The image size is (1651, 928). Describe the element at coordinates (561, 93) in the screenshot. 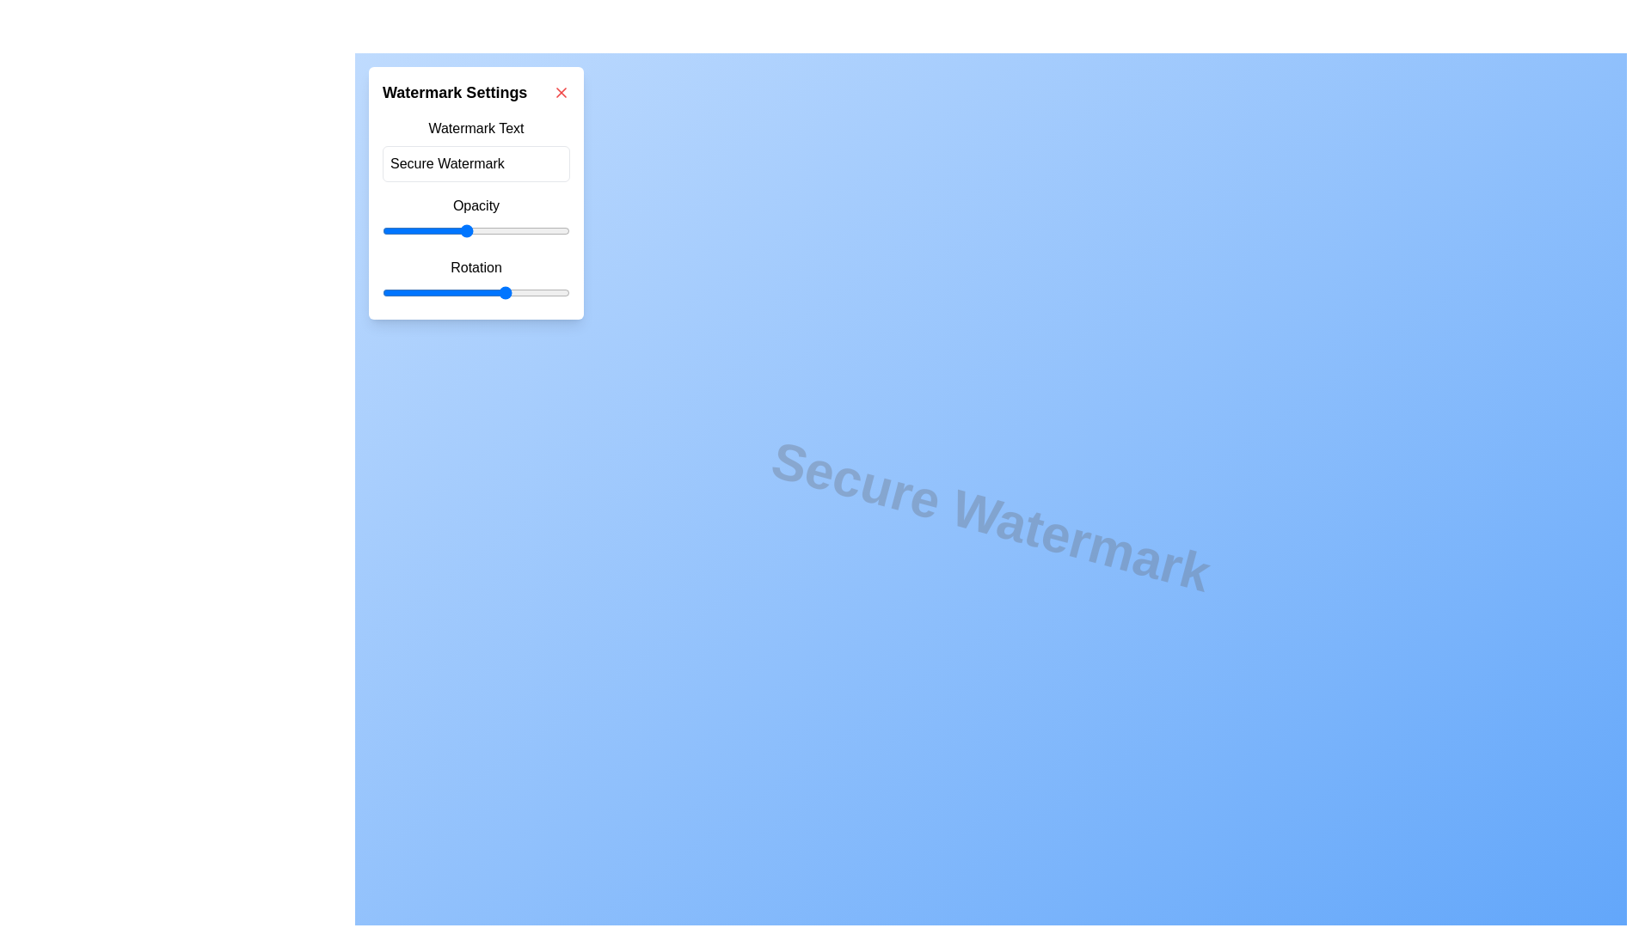

I see `the close button located at the rightmost part of the 'Watermark Settings' header` at that location.